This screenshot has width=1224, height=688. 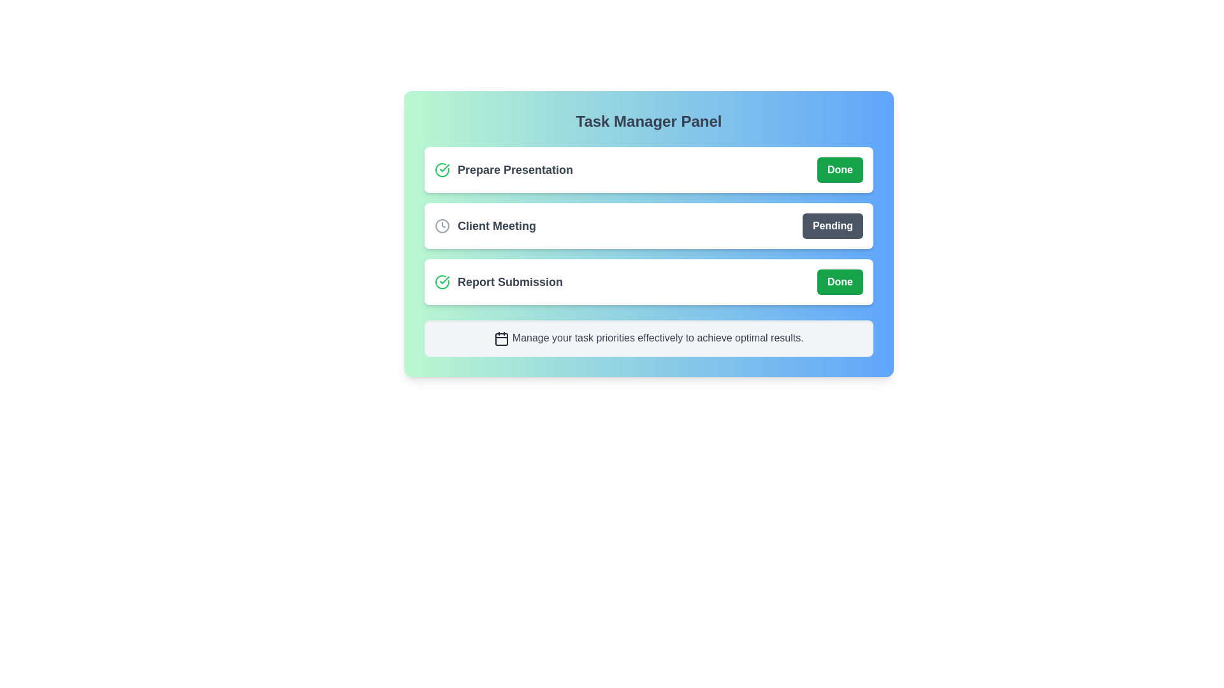 What do you see at coordinates (503, 169) in the screenshot?
I see `the task name Prepare Presentation to select its text` at bounding box center [503, 169].